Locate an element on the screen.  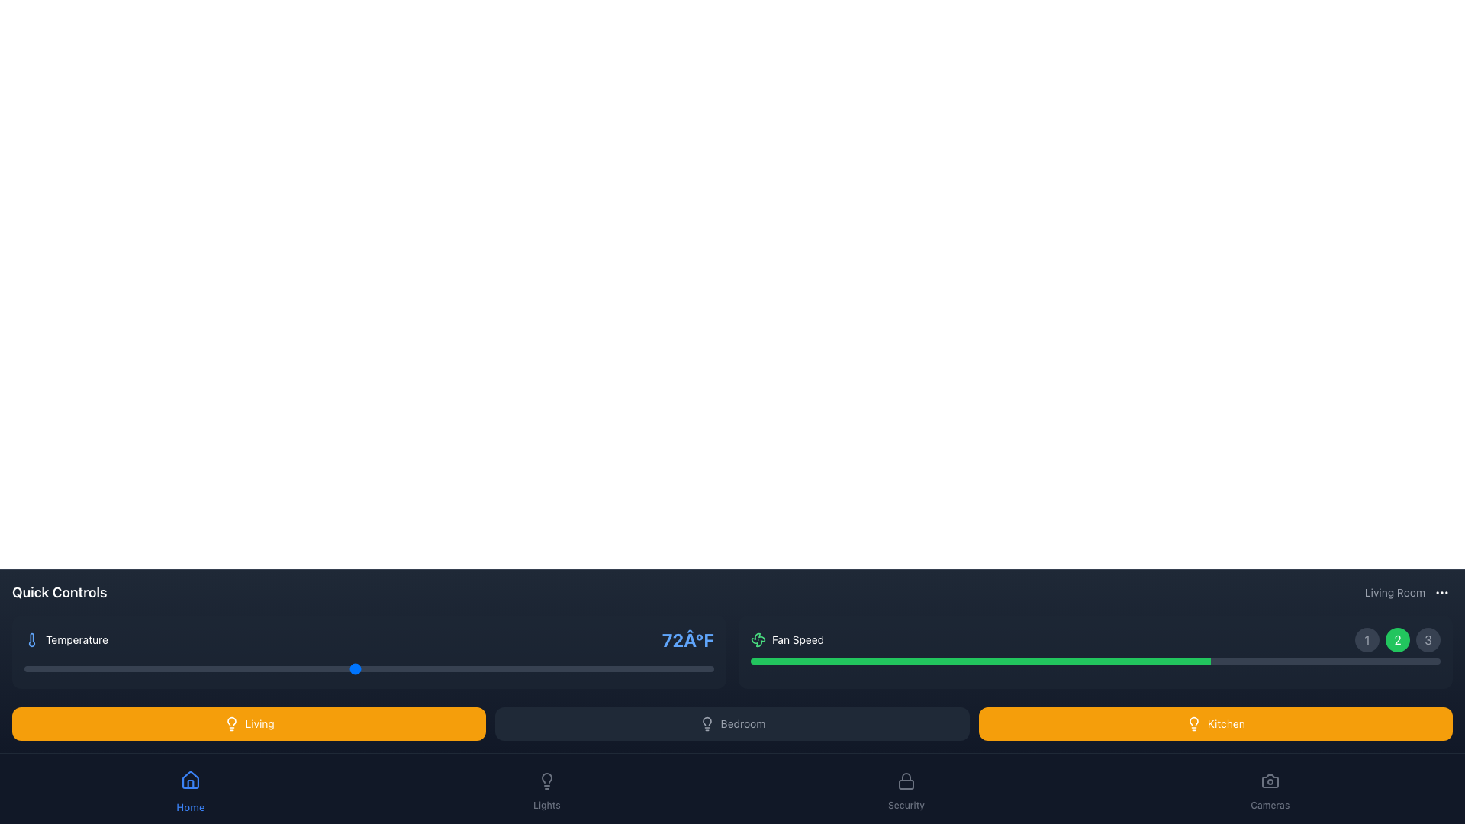
the stylized lightbulb icon, which is the fourth icon from the left in a row of icons at the bottom section of the interface is located at coordinates (546, 781).